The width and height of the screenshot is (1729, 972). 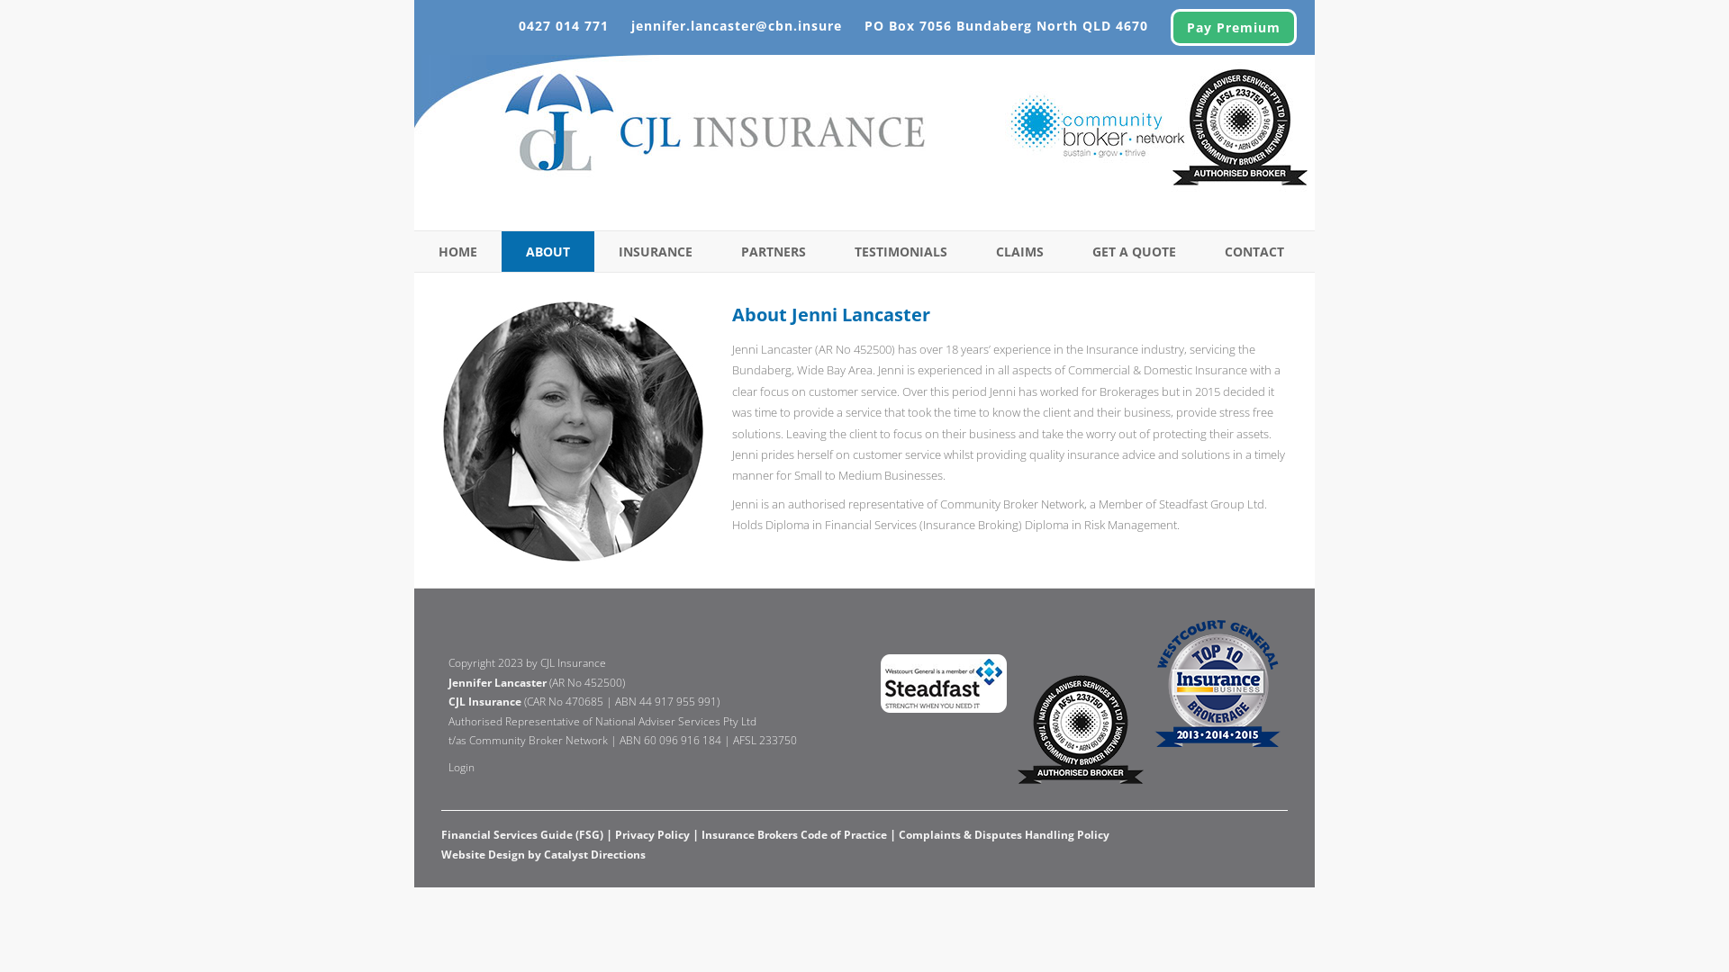 I want to click on 'Pay Premium', so click(x=1232, y=27).